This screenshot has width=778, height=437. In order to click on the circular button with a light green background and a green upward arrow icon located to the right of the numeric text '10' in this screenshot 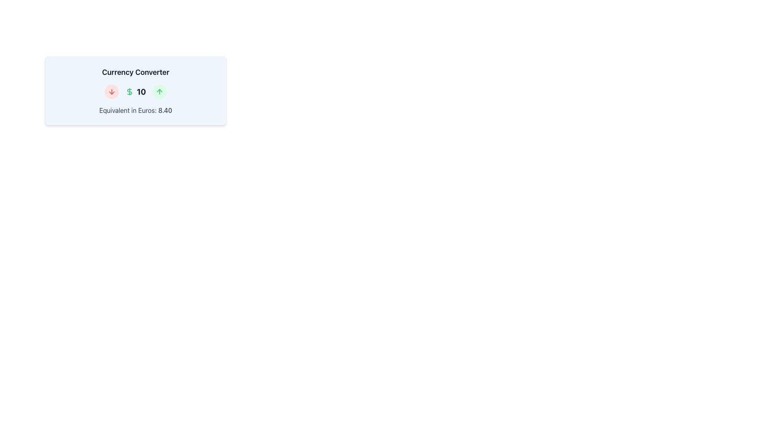, I will do `click(160, 91)`.